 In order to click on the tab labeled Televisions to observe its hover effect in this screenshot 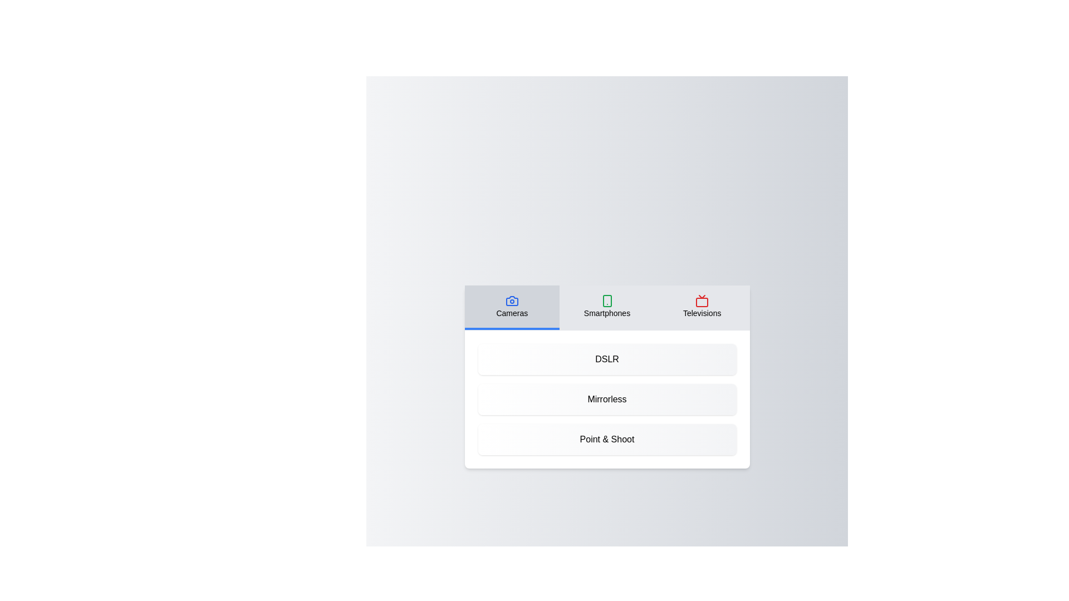, I will do `click(702, 307)`.